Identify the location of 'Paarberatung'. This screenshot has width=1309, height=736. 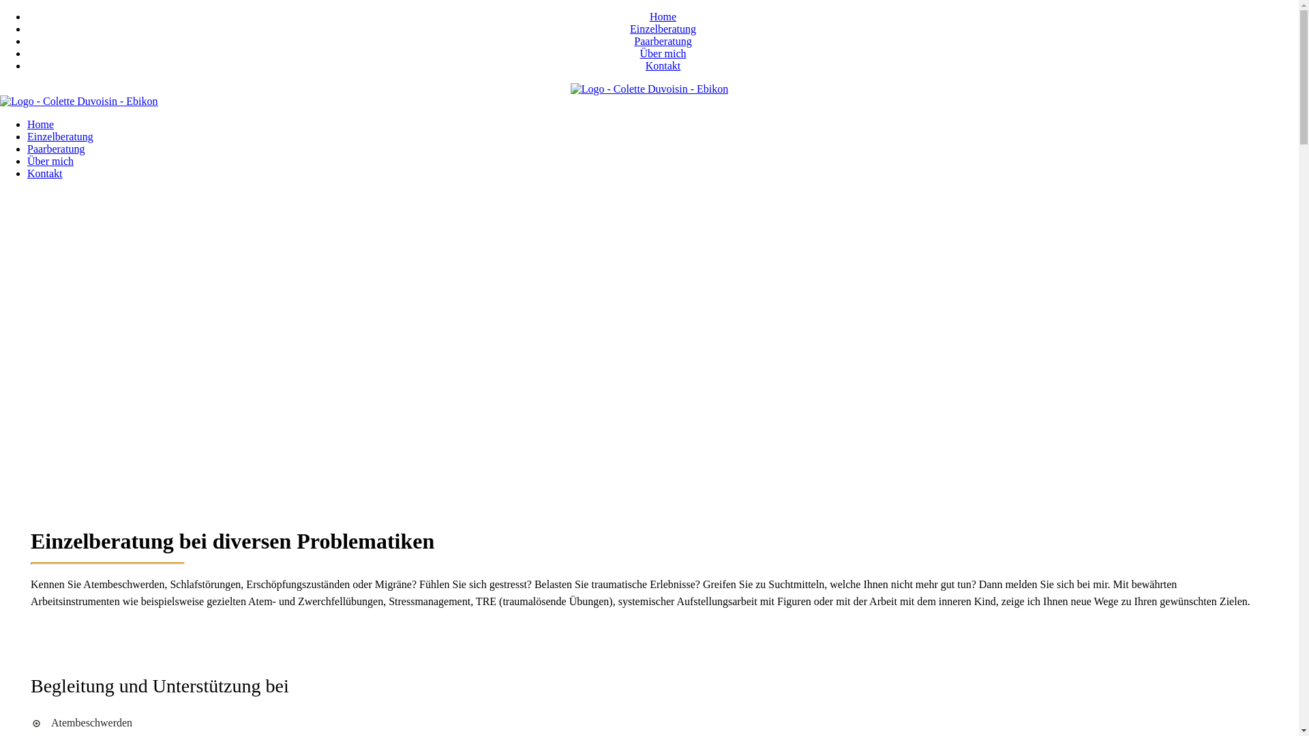
(662, 40).